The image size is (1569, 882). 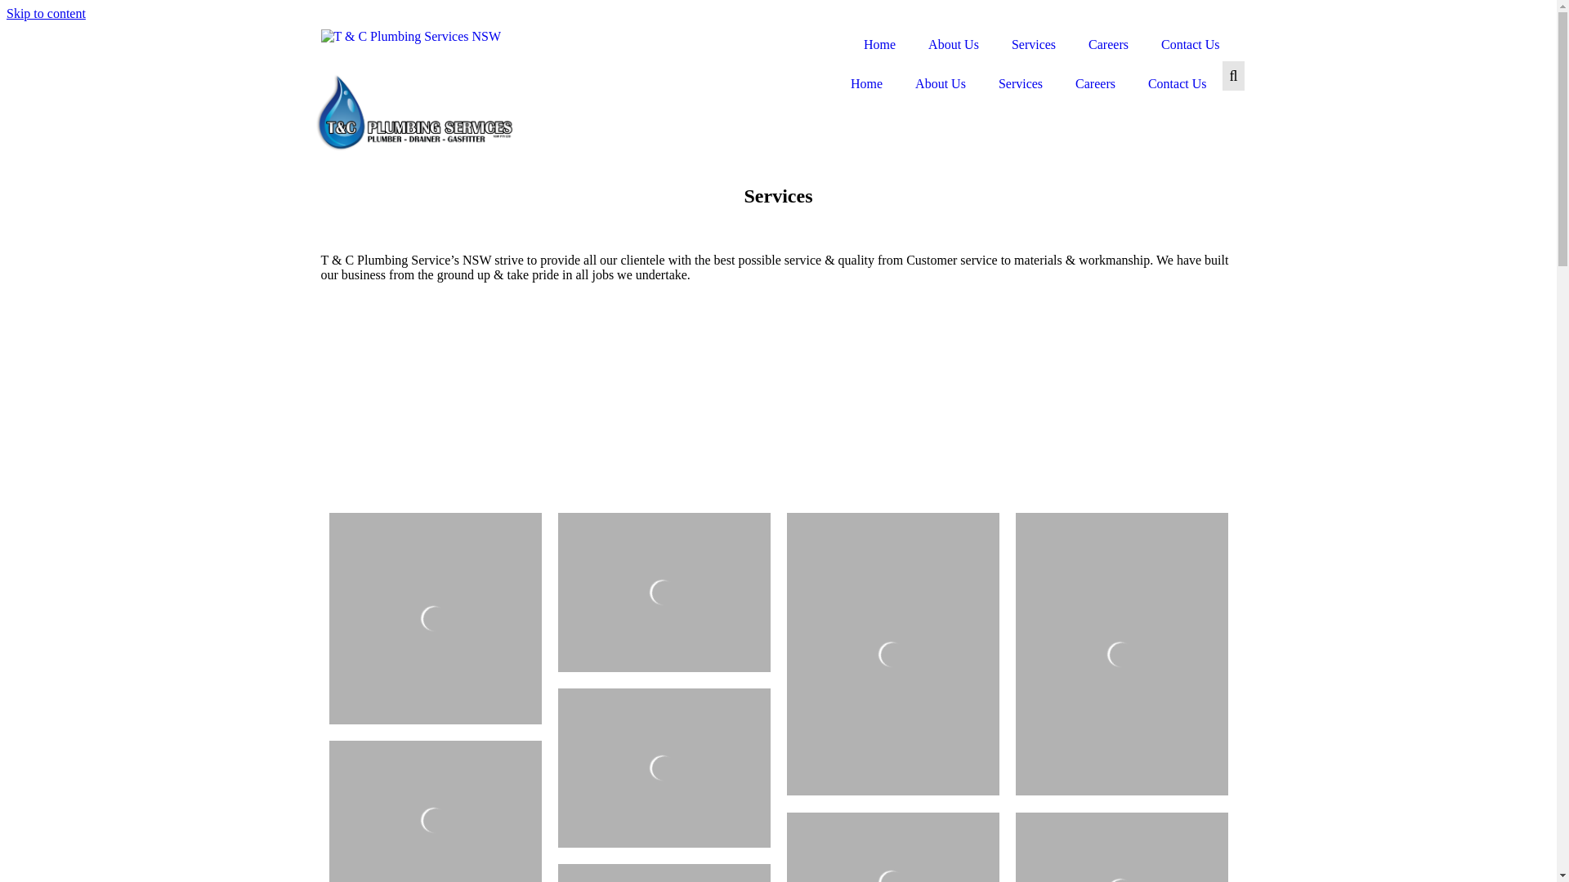 I want to click on 'Careers', so click(x=1071, y=43).